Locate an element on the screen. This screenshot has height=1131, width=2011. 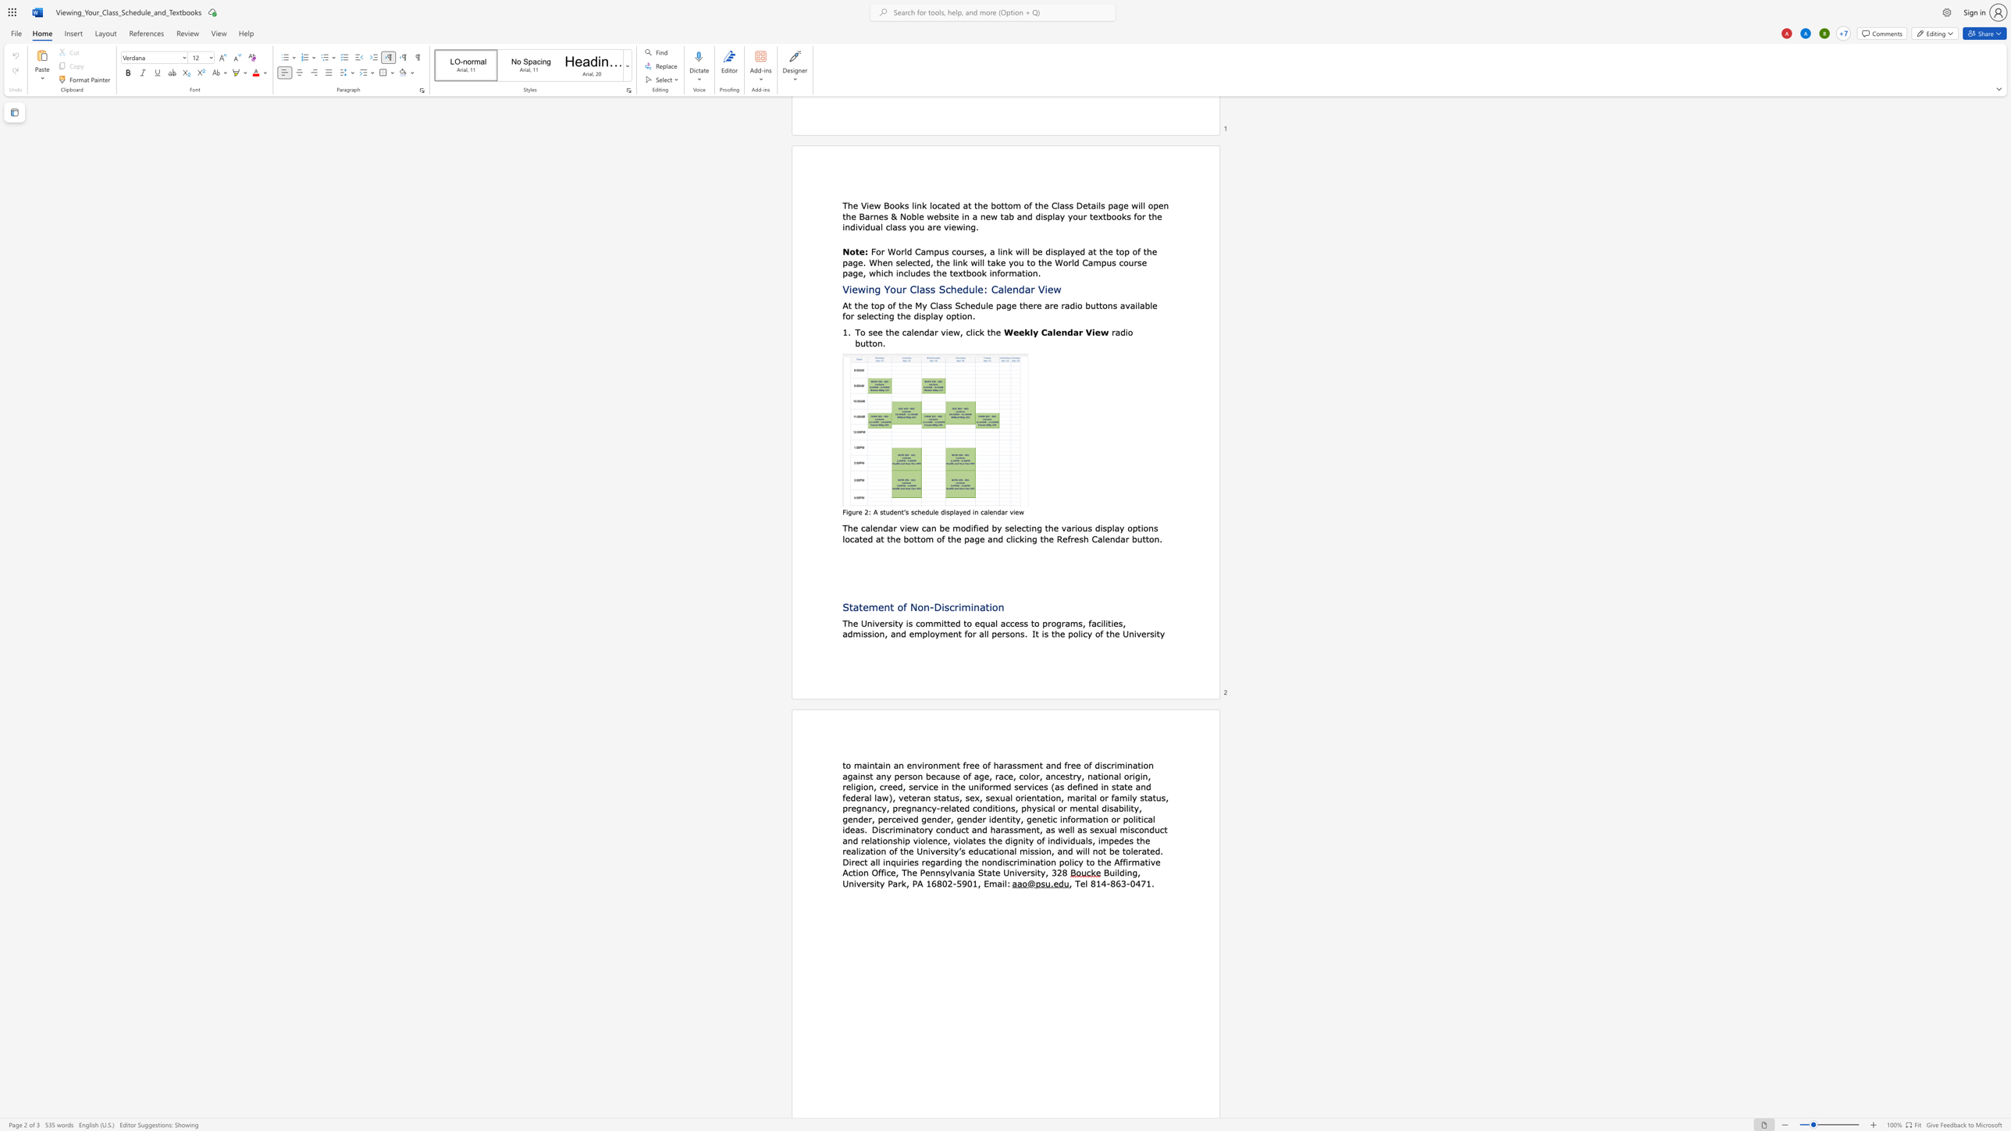
the space between the continuous character "c" and "c" in the text is located at coordinates (1009, 623).